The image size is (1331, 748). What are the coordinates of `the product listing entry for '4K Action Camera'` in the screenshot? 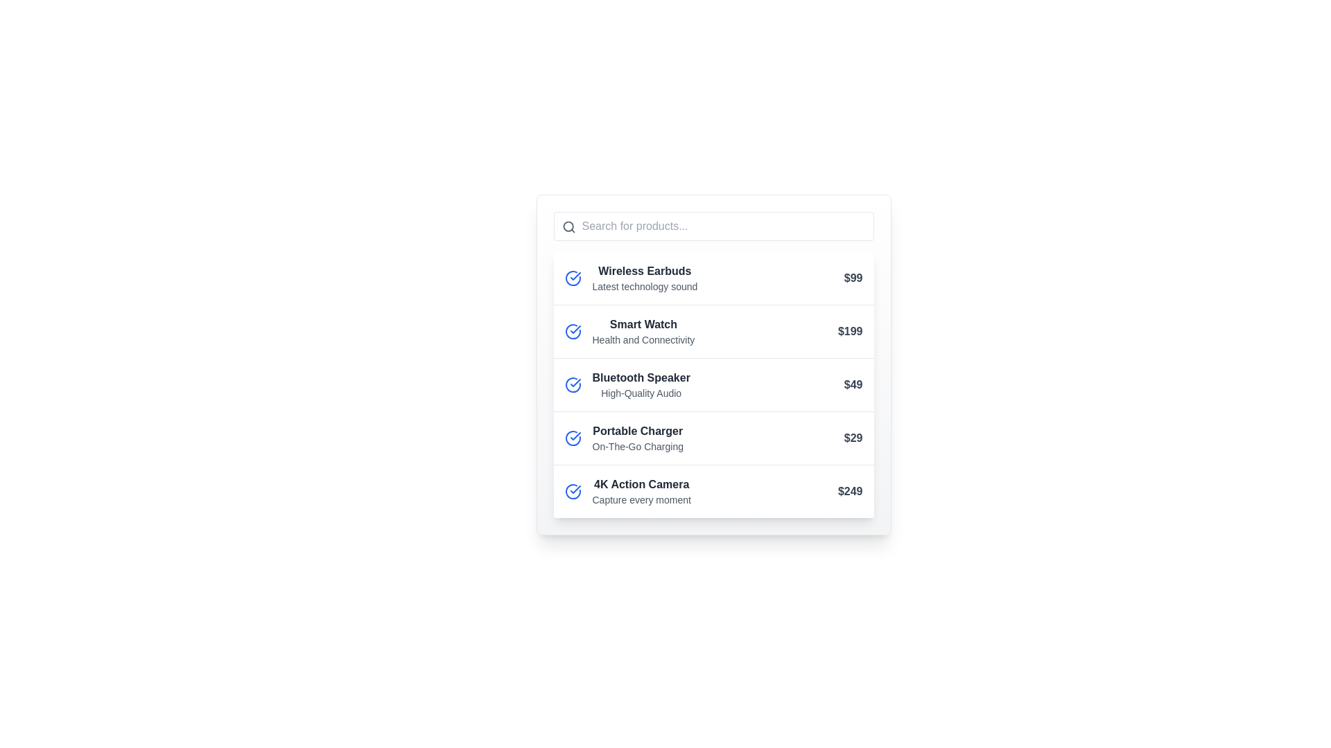 It's located at (713, 490).